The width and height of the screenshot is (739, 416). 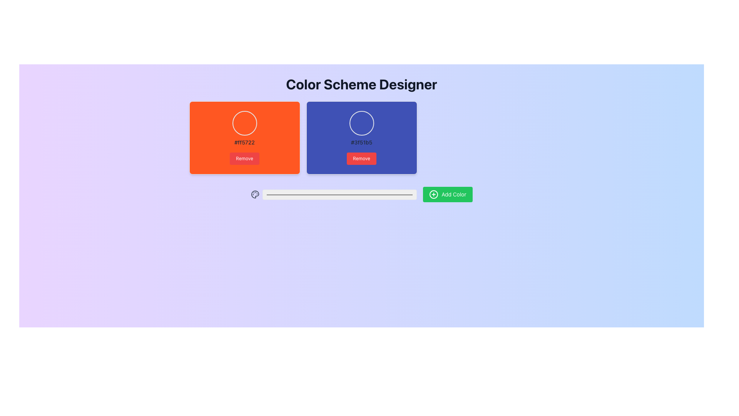 I want to click on the color, so click(x=339, y=194).